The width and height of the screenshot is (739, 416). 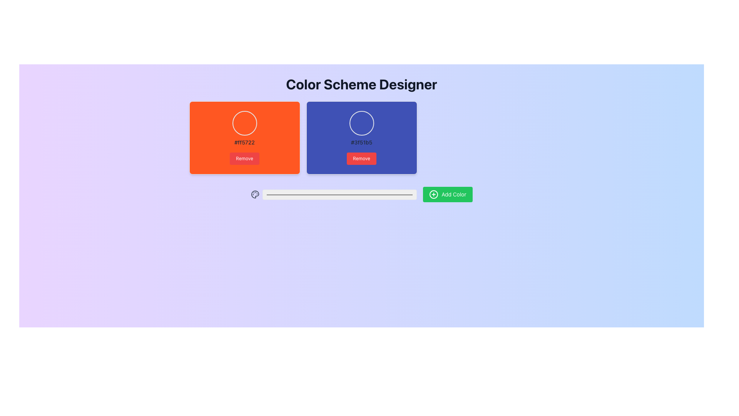 I want to click on the color, so click(x=339, y=194).